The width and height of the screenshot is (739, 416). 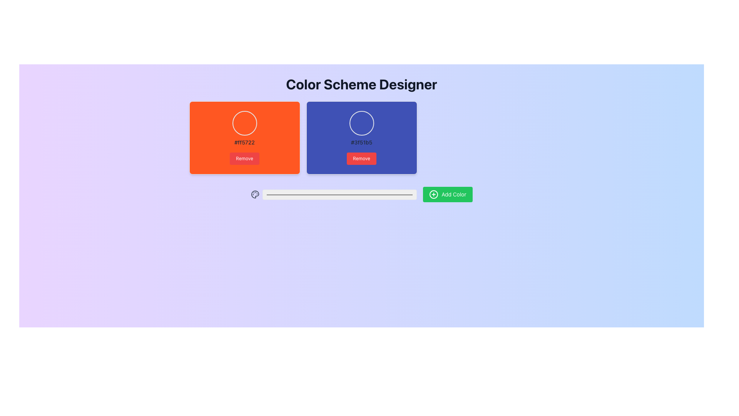 I want to click on the color, so click(x=339, y=194).